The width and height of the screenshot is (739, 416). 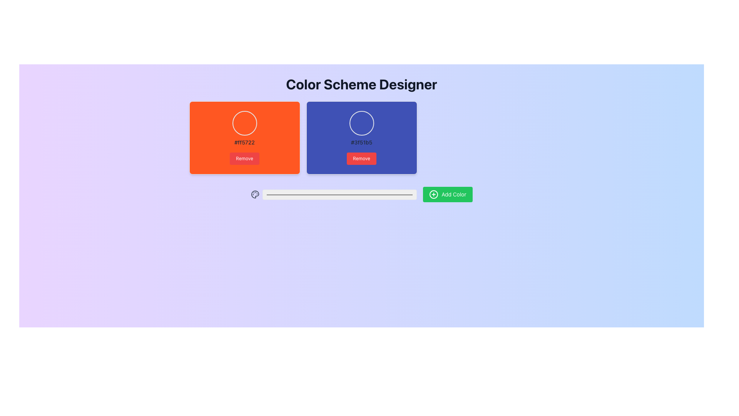 I want to click on the color, so click(x=339, y=194).